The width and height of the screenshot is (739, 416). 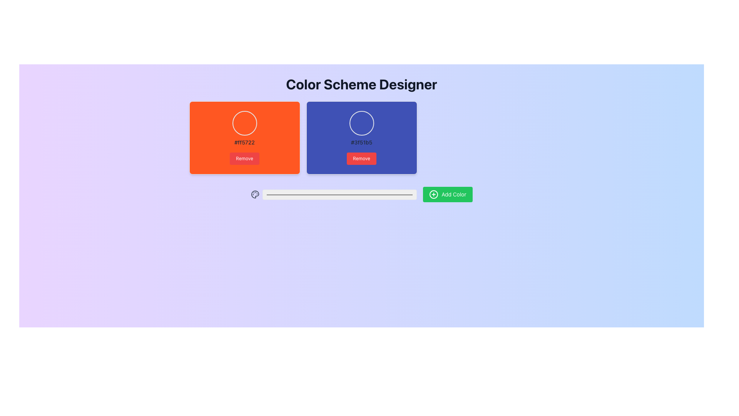 I want to click on the color, so click(x=339, y=194).